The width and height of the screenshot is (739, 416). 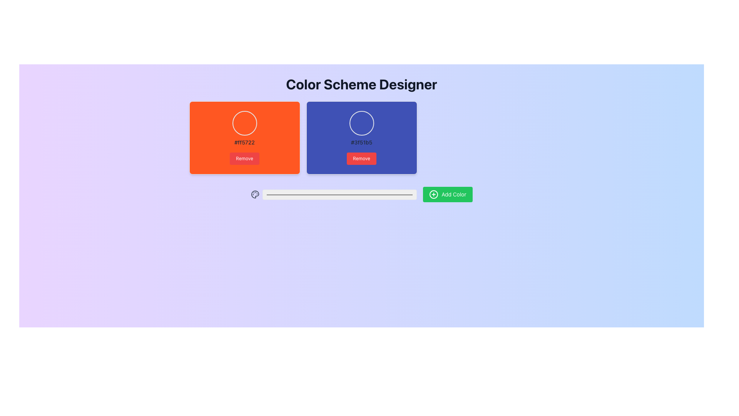 I want to click on the color, so click(x=339, y=194).